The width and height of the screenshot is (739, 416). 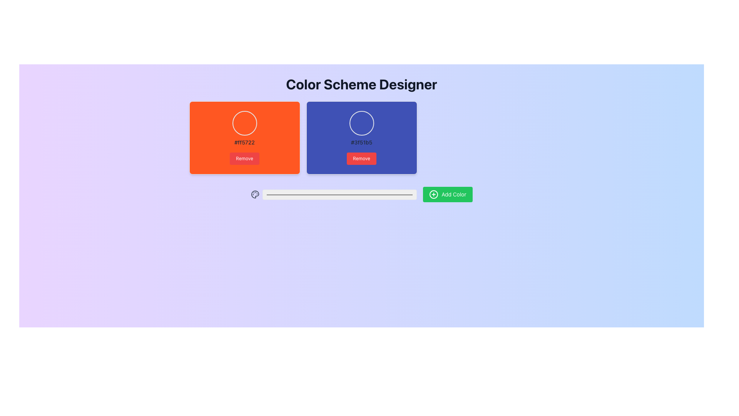 I want to click on the color, so click(x=339, y=194).